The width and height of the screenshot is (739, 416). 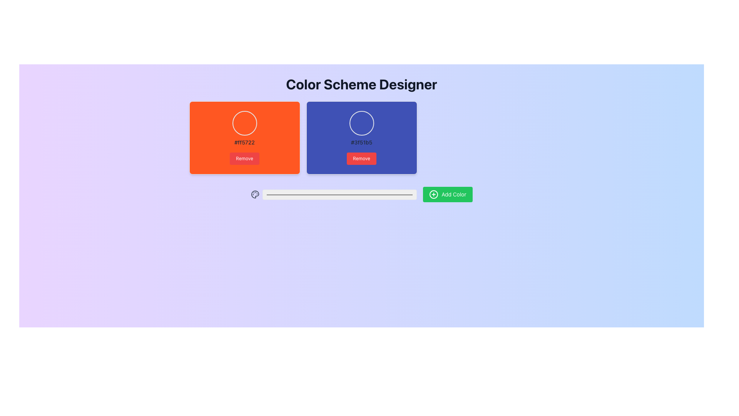 I want to click on the color, so click(x=339, y=194).